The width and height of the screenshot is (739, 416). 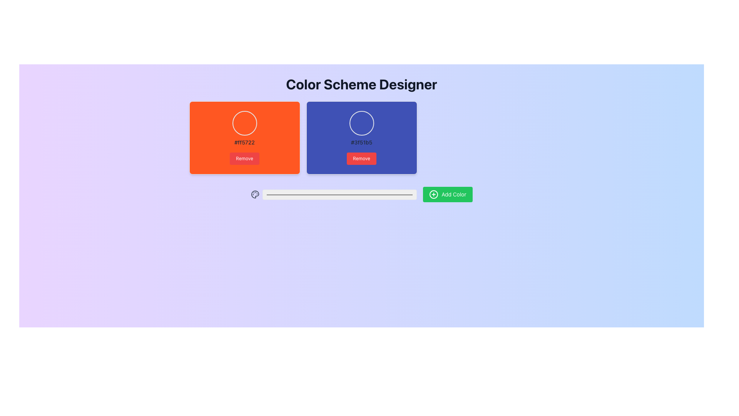 I want to click on the color, so click(x=339, y=194).